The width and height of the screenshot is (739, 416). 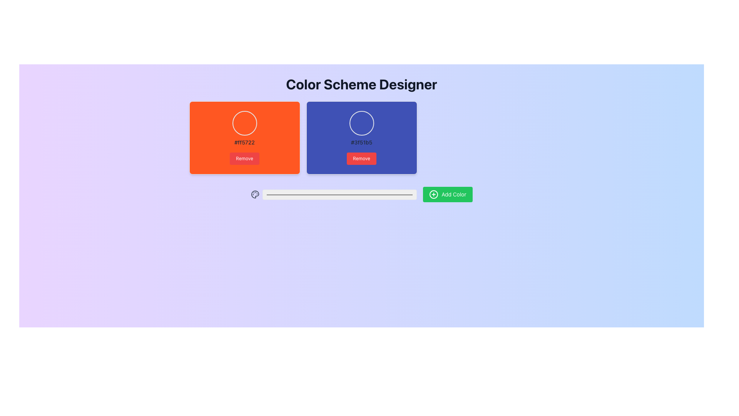 I want to click on the color, so click(x=339, y=194).